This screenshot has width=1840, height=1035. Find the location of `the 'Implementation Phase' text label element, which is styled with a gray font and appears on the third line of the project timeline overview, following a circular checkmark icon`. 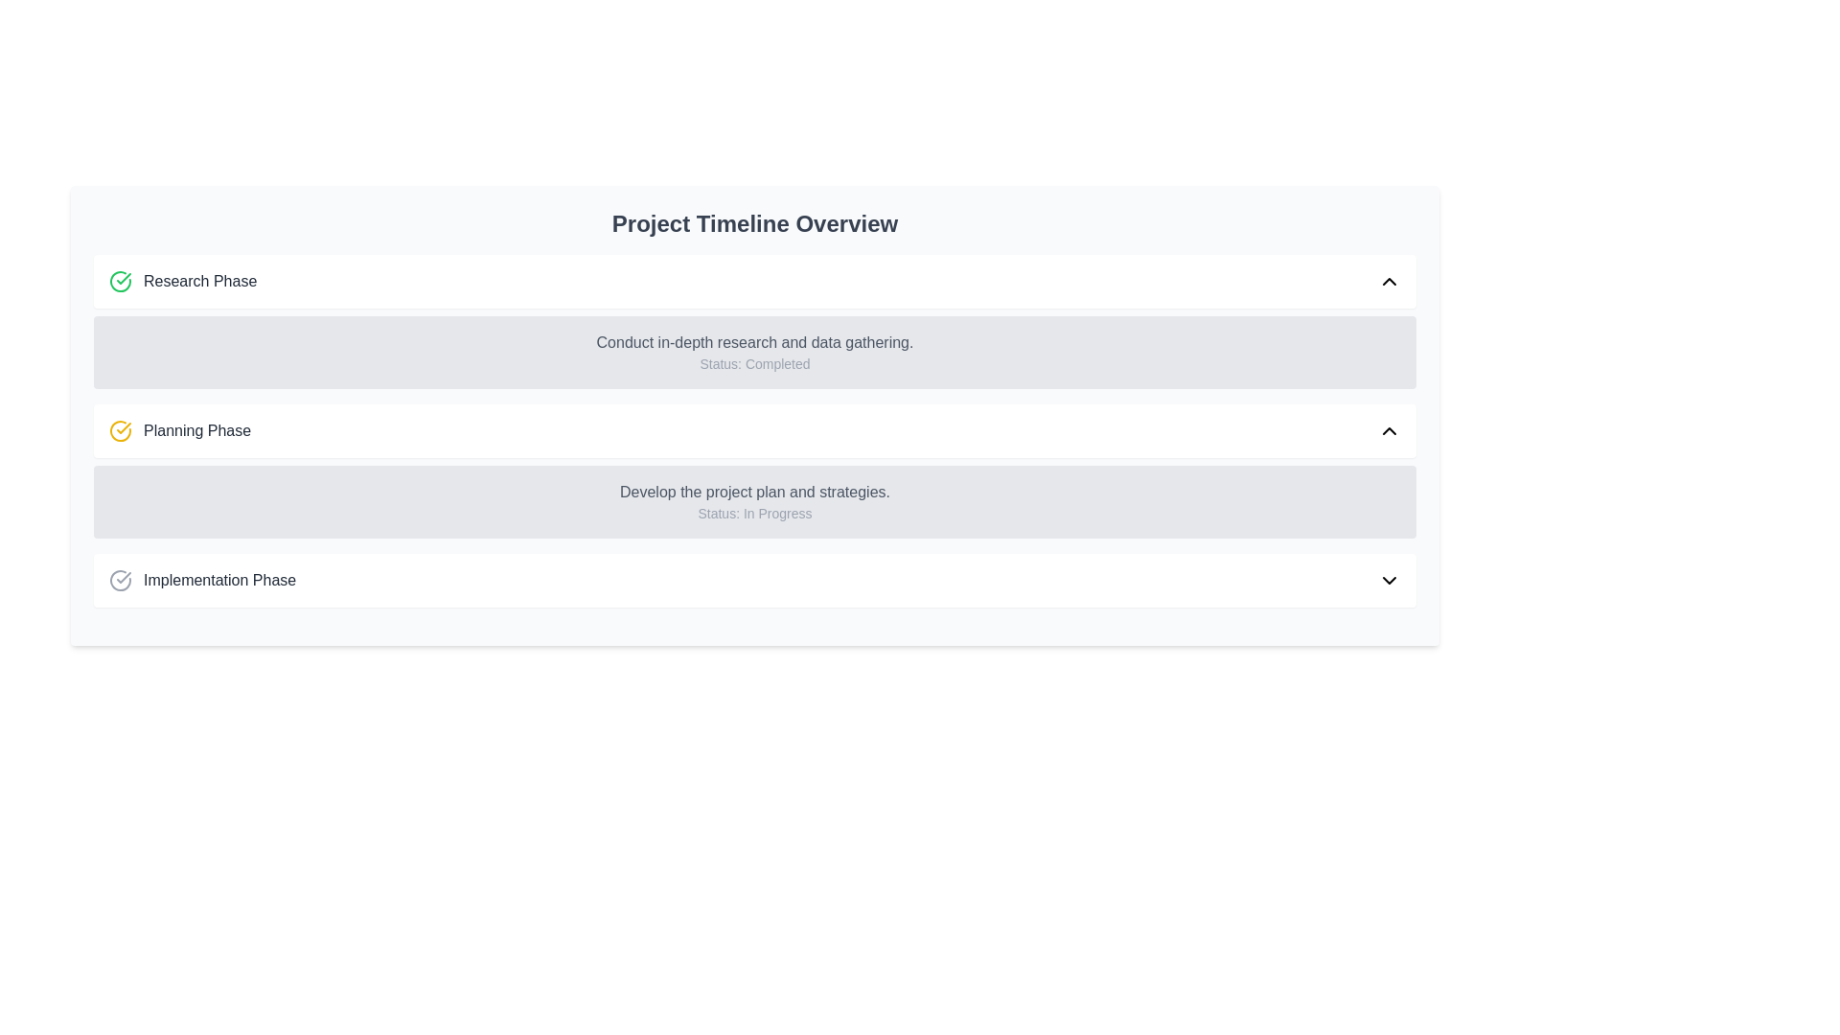

the 'Implementation Phase' text label element, which is styled with a gray font and appears on the third line of the project timeline overview, following a circular checkmark icon is located at coordinates (219, 579).